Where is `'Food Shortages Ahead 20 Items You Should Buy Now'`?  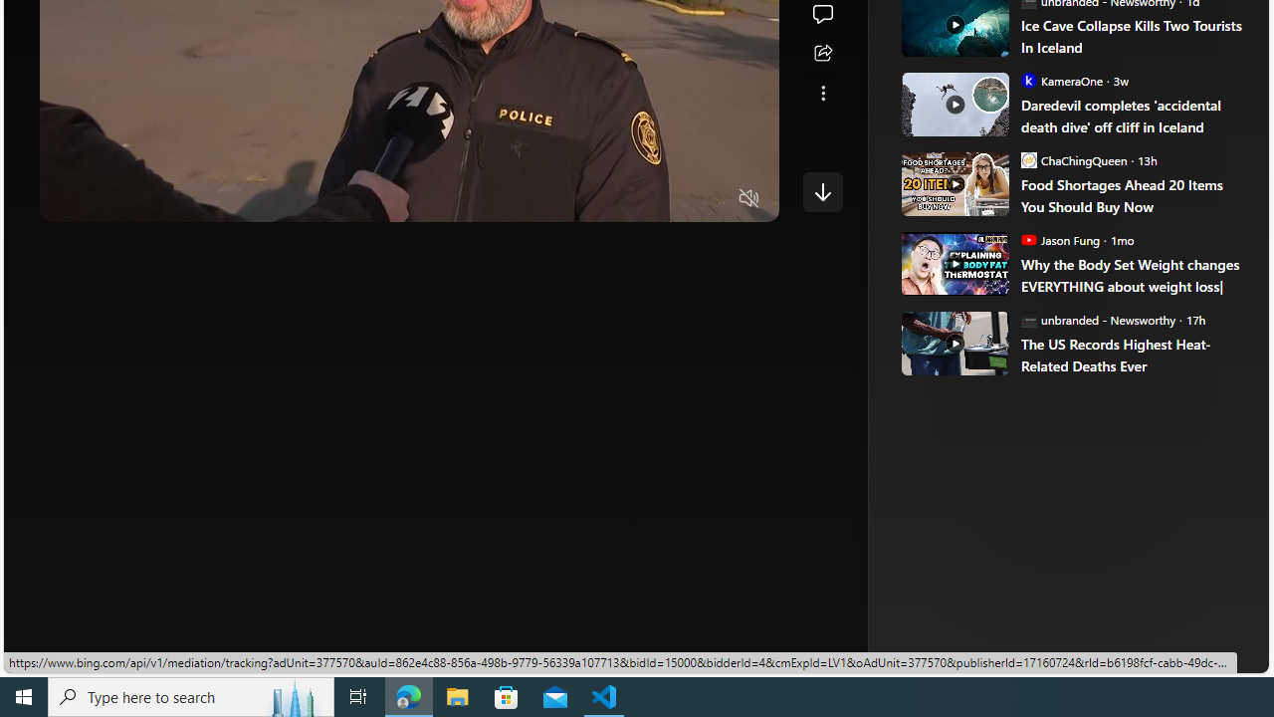 'Food Shortages Ahead 20 Items You Should Buy Now' is located at coordinates (1131, 195).